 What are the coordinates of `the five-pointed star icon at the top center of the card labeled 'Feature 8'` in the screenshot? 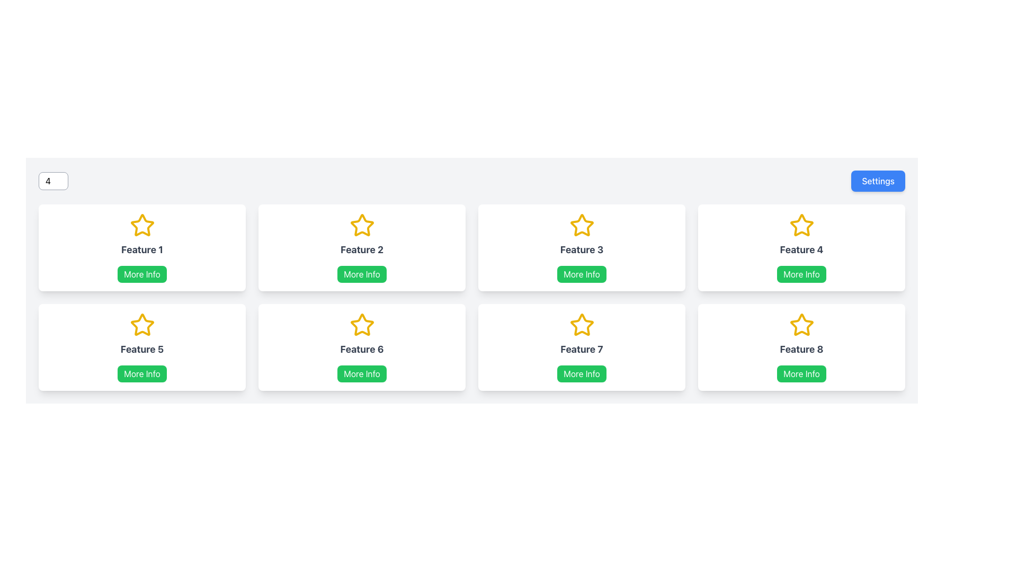 It's located at (801, 324).